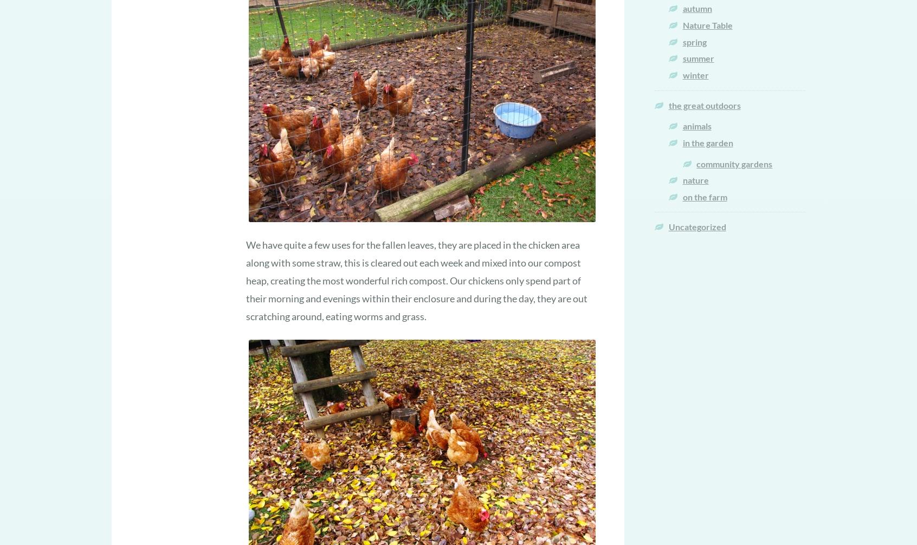  What do you see at coordinates (734, 163) in the screenshot?
I see `'community gardens'` at bounding box center [734, 163].